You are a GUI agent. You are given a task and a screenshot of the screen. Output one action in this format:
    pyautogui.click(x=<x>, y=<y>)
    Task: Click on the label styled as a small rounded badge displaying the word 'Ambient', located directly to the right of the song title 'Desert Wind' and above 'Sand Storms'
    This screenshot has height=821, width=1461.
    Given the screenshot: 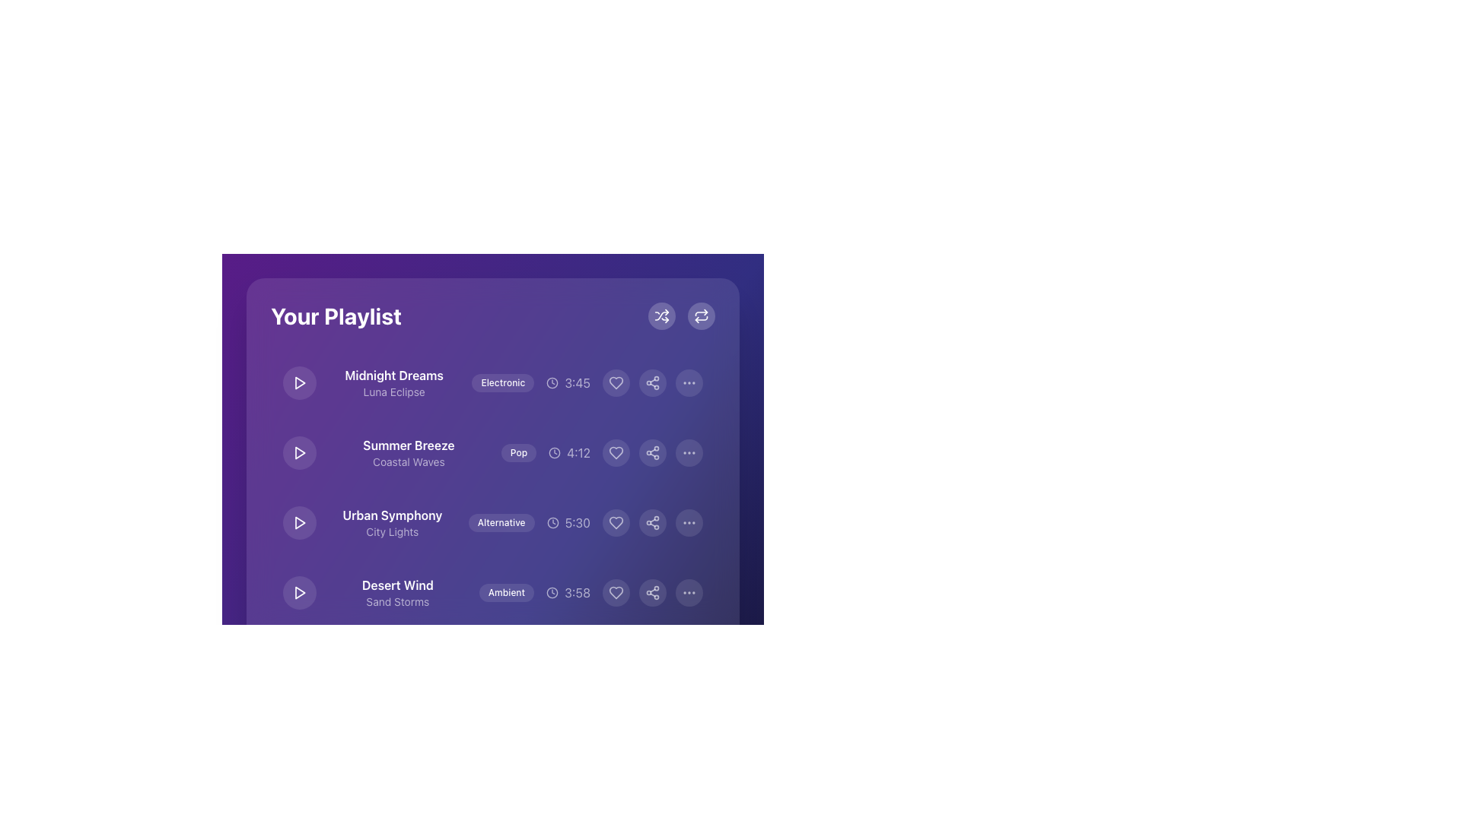 What is the action you would take?
    pyautogui.click(x=493, y=591)
    